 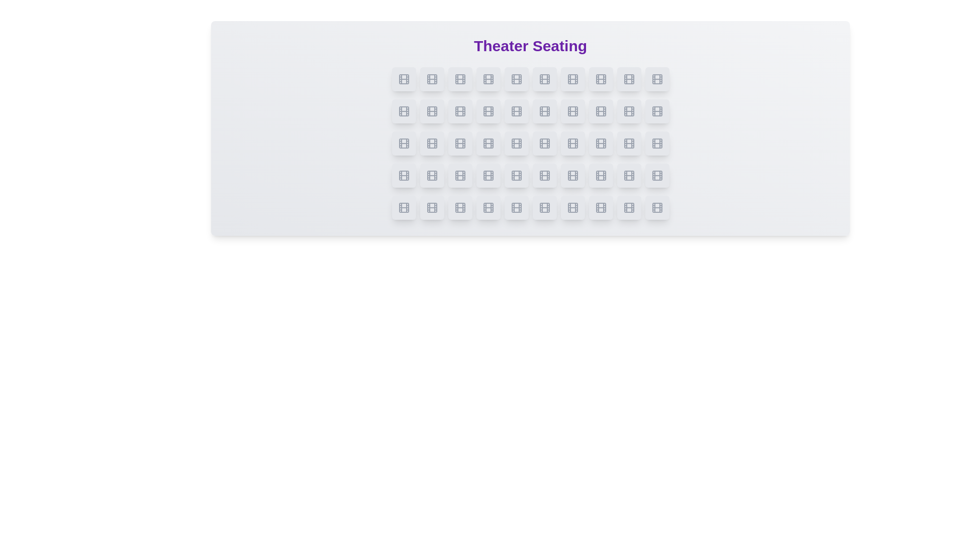 What do you see at coordinates (530, 143) in the screenshot?
I see `the seating layout by focusing on the center of the grid` at bounding box center [530, 143].